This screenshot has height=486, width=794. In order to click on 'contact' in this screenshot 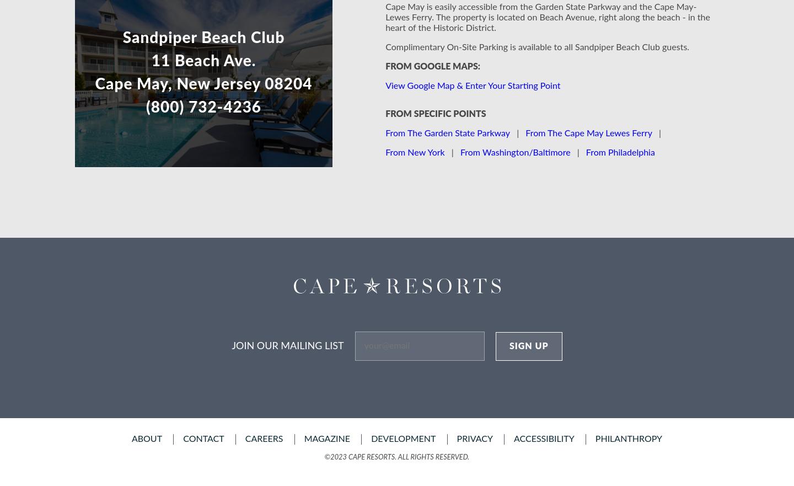, I will do `click(202, 439)`.